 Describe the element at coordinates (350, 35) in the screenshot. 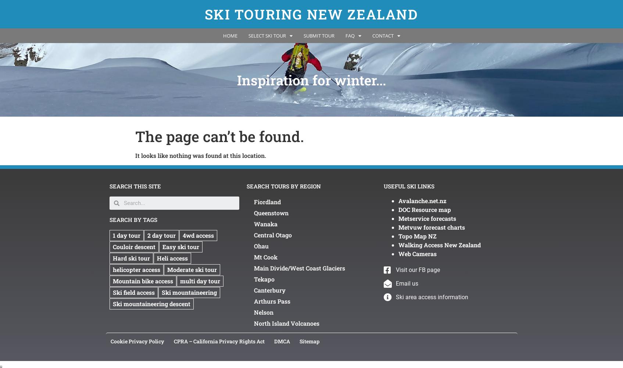

I see `'FAQ'` at that location.